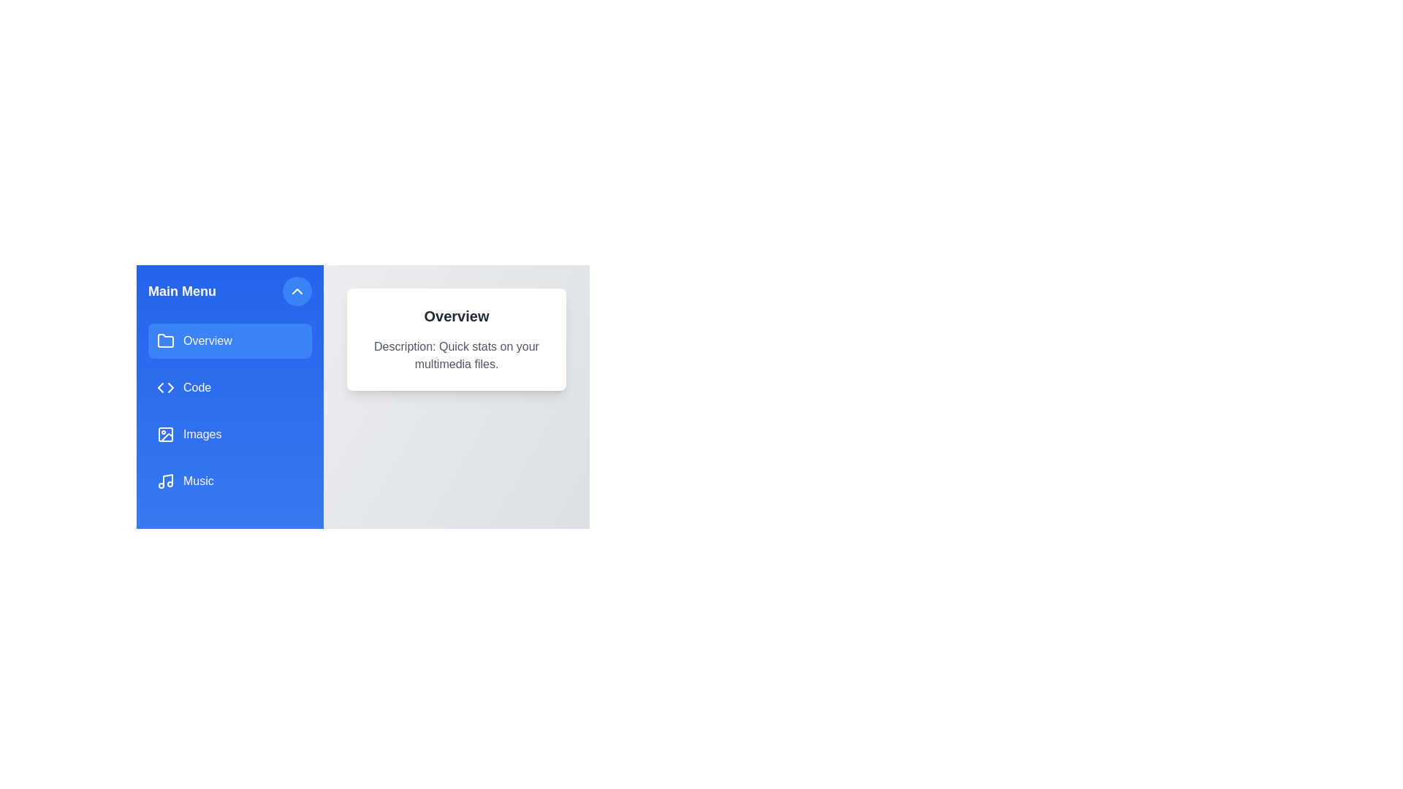 This screenshot has width=1403, height=789. Describe the element at coordinates (165, 433) in the screenshot. I see `the small icon with a blue background and circular feature, located to the left of the 'Images' label` at that location.